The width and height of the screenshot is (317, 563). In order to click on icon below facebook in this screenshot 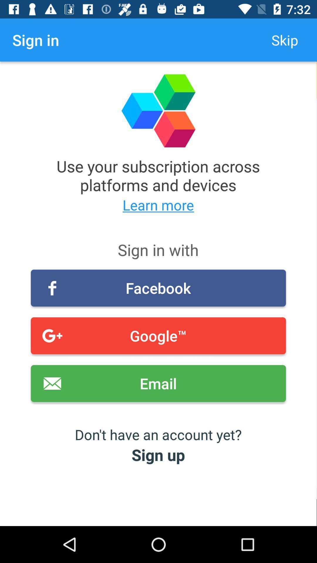, I will do `click(158, 336)`.